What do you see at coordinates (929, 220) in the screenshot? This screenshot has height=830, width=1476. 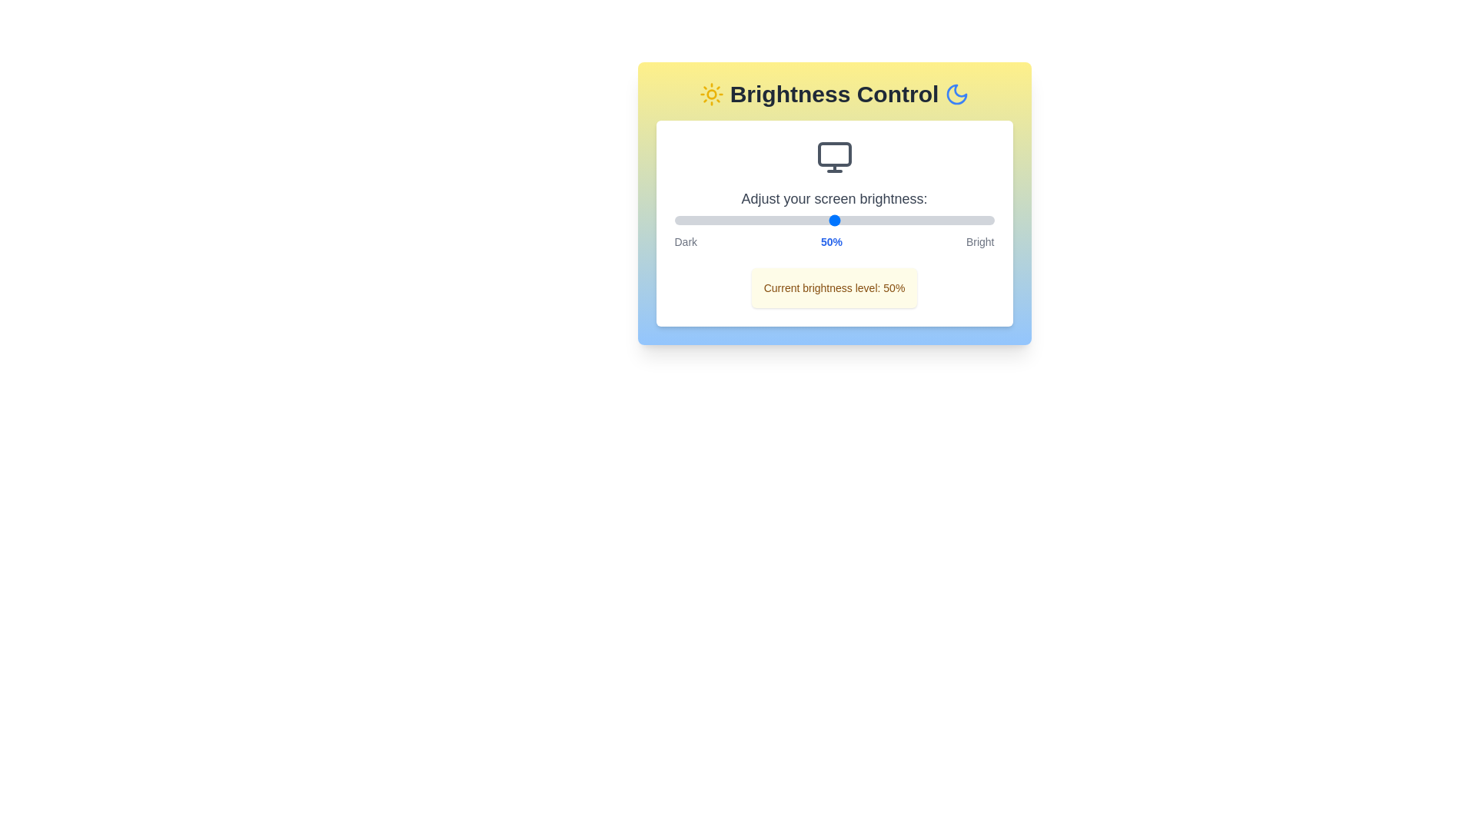 I see `the brightness to 80% by interacting with the slider` at bounding box center [929, 220].